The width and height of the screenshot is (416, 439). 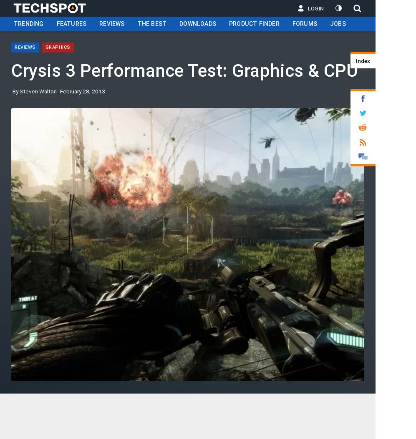 What do you see at coordinates (305, 23) in the screenshot?
I see `'Forums'` at bounding box center [305, 23].